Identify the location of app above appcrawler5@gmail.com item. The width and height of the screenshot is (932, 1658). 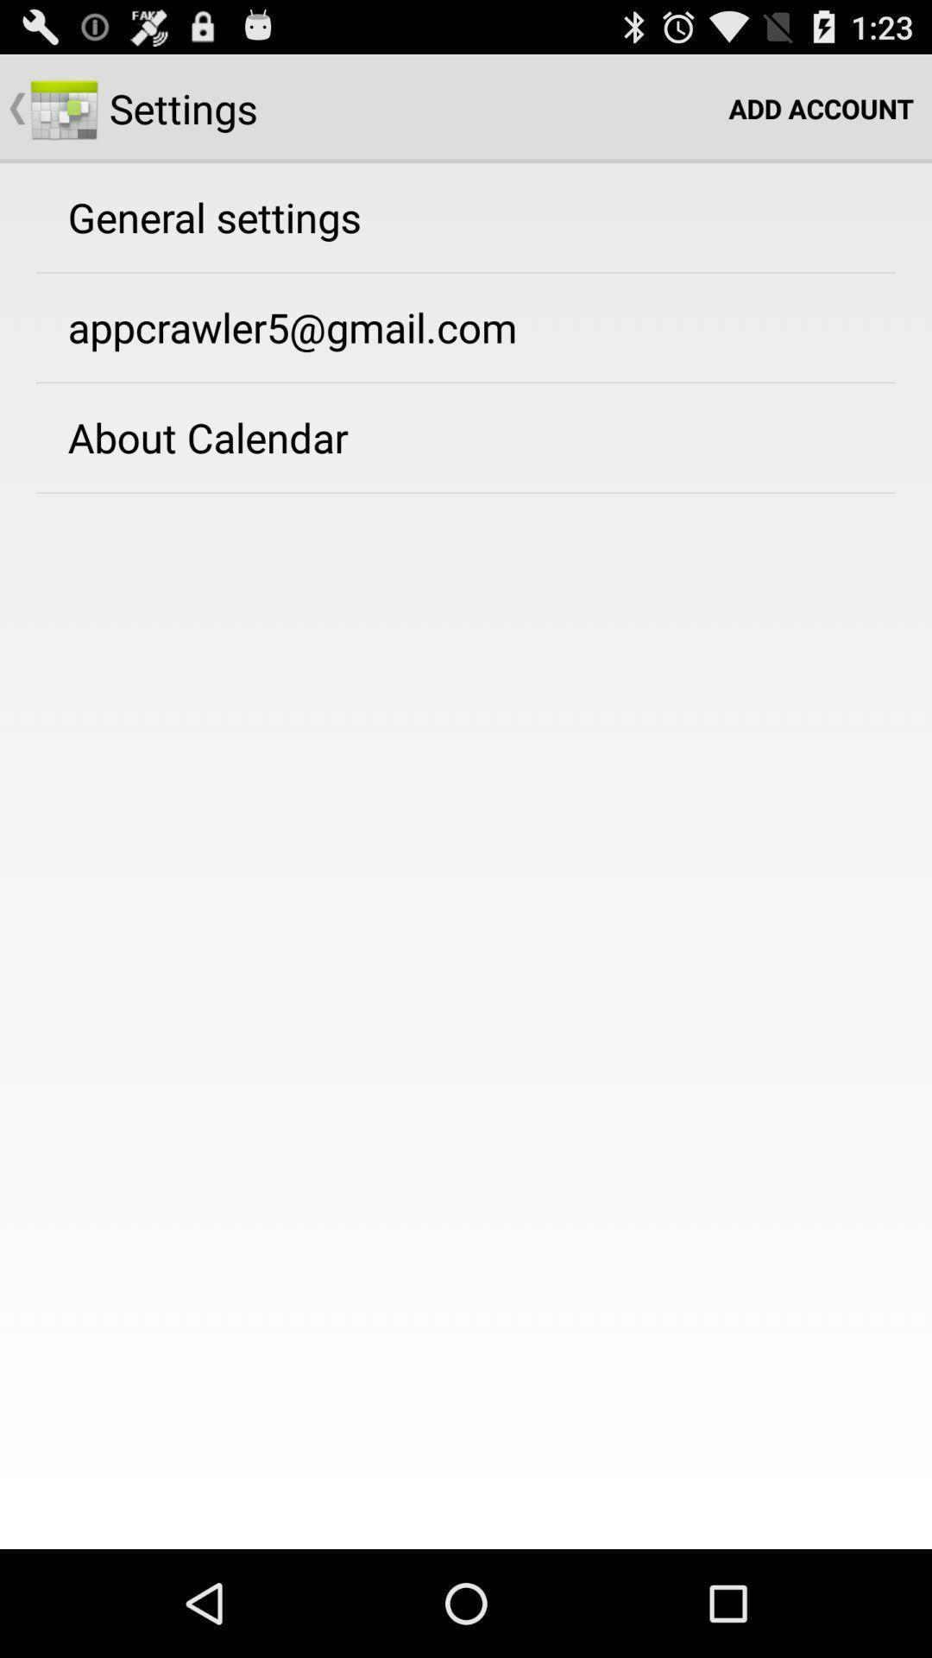
(213, 216).